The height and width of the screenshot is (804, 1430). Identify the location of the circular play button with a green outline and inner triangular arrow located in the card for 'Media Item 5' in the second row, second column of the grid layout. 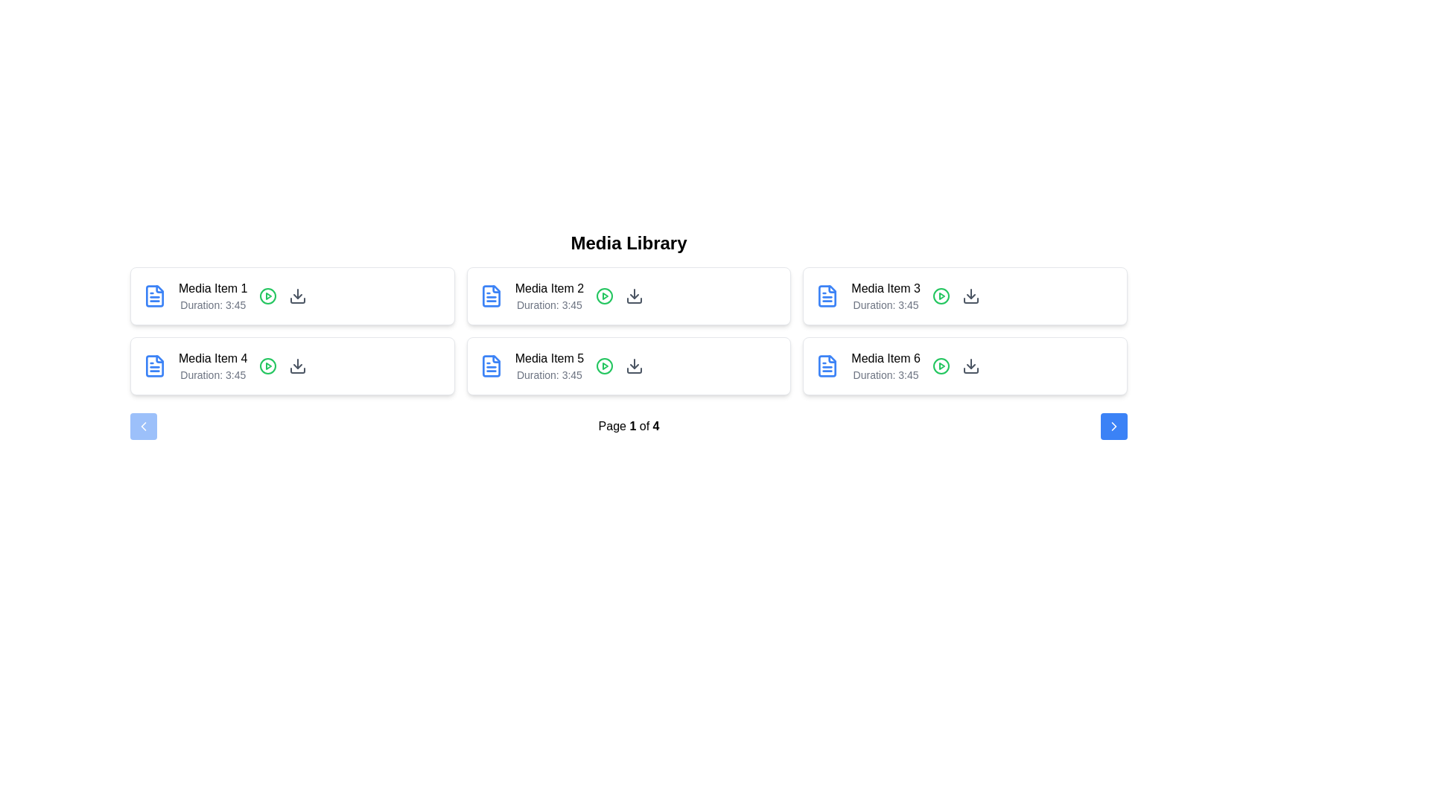
(605, 366).